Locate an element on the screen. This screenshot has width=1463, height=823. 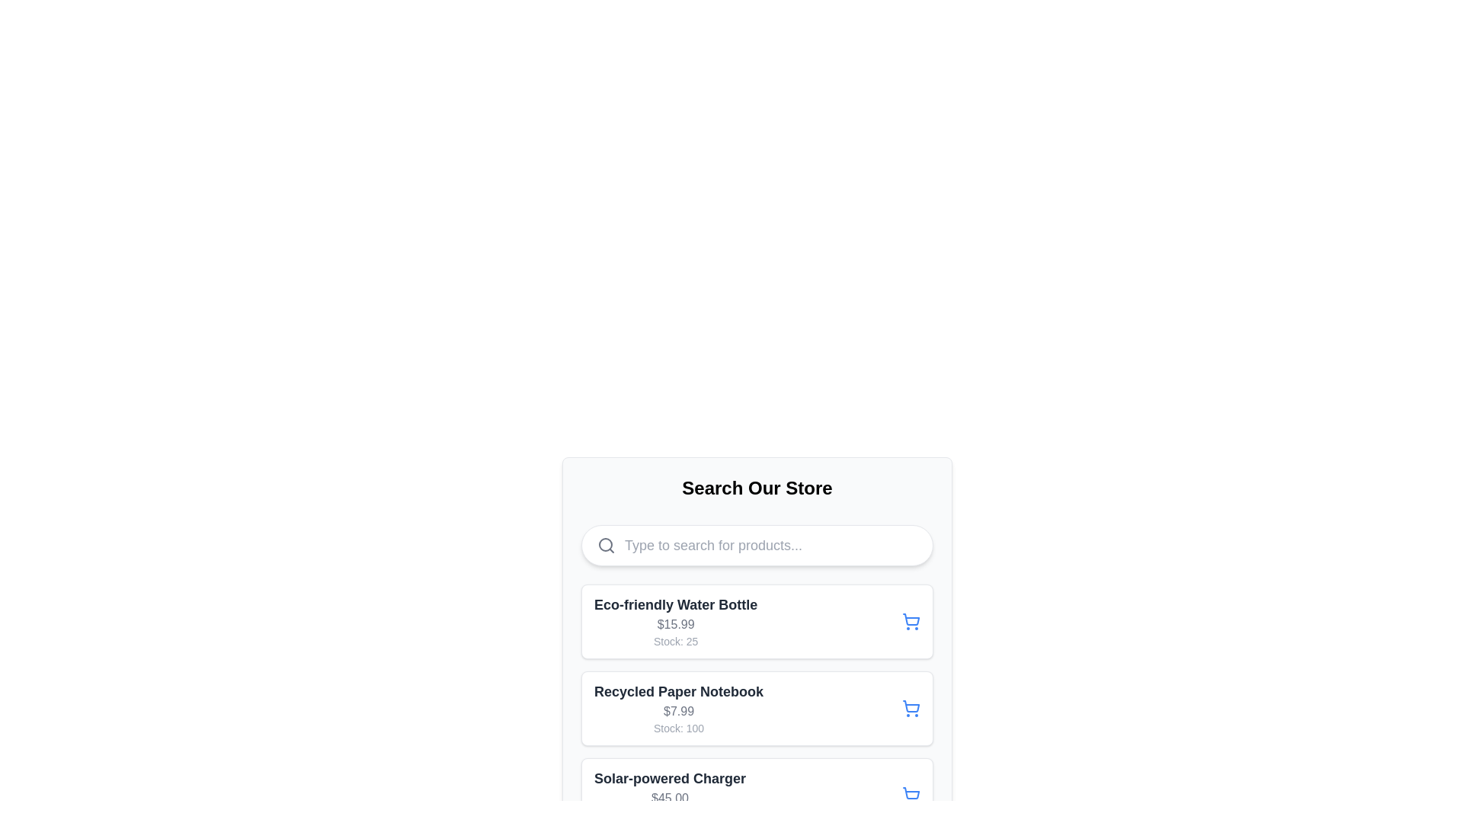
the shopping cart icon located at the far-right side of the 'Recycled Paper Notebook' product entry is located at coordinates (911, 708).